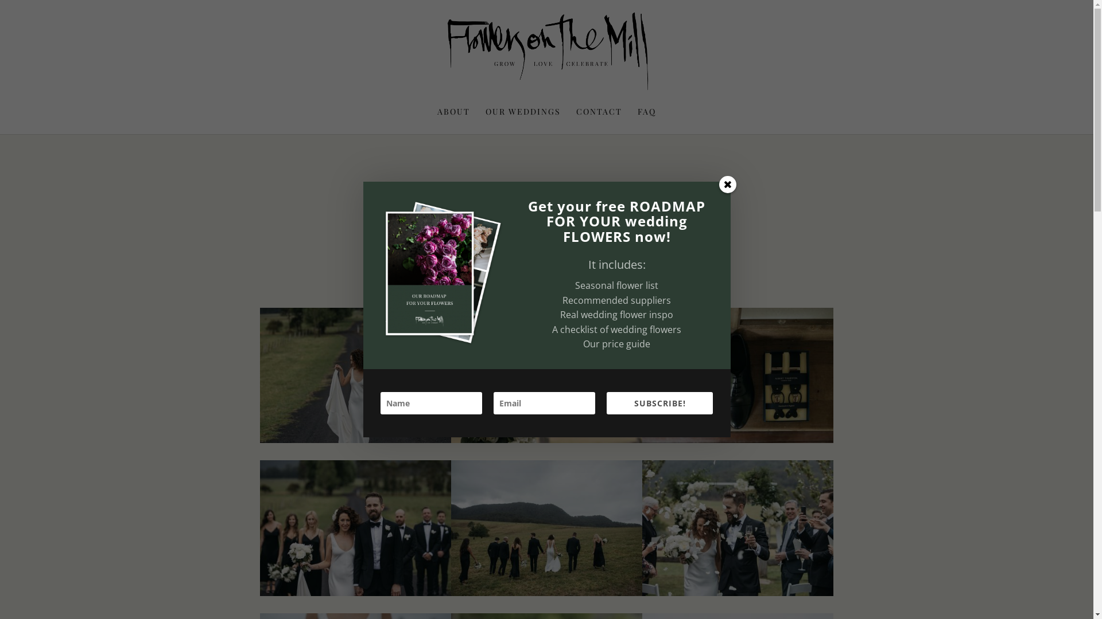  Describe the element at coordinates (522, 121) in the screenshot. I see `'OUR WEDDINGS'` at that location.